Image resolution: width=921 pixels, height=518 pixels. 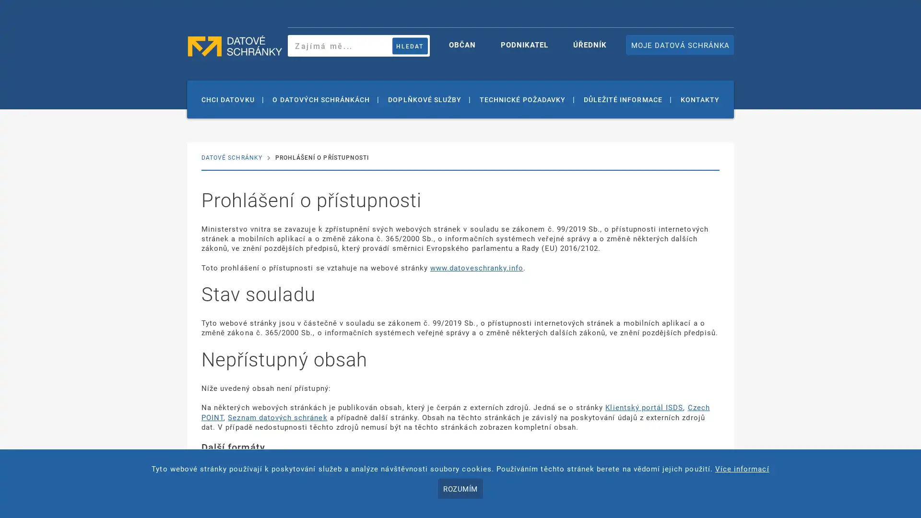 I want to click on Hledat, so click(x=410, y=46).